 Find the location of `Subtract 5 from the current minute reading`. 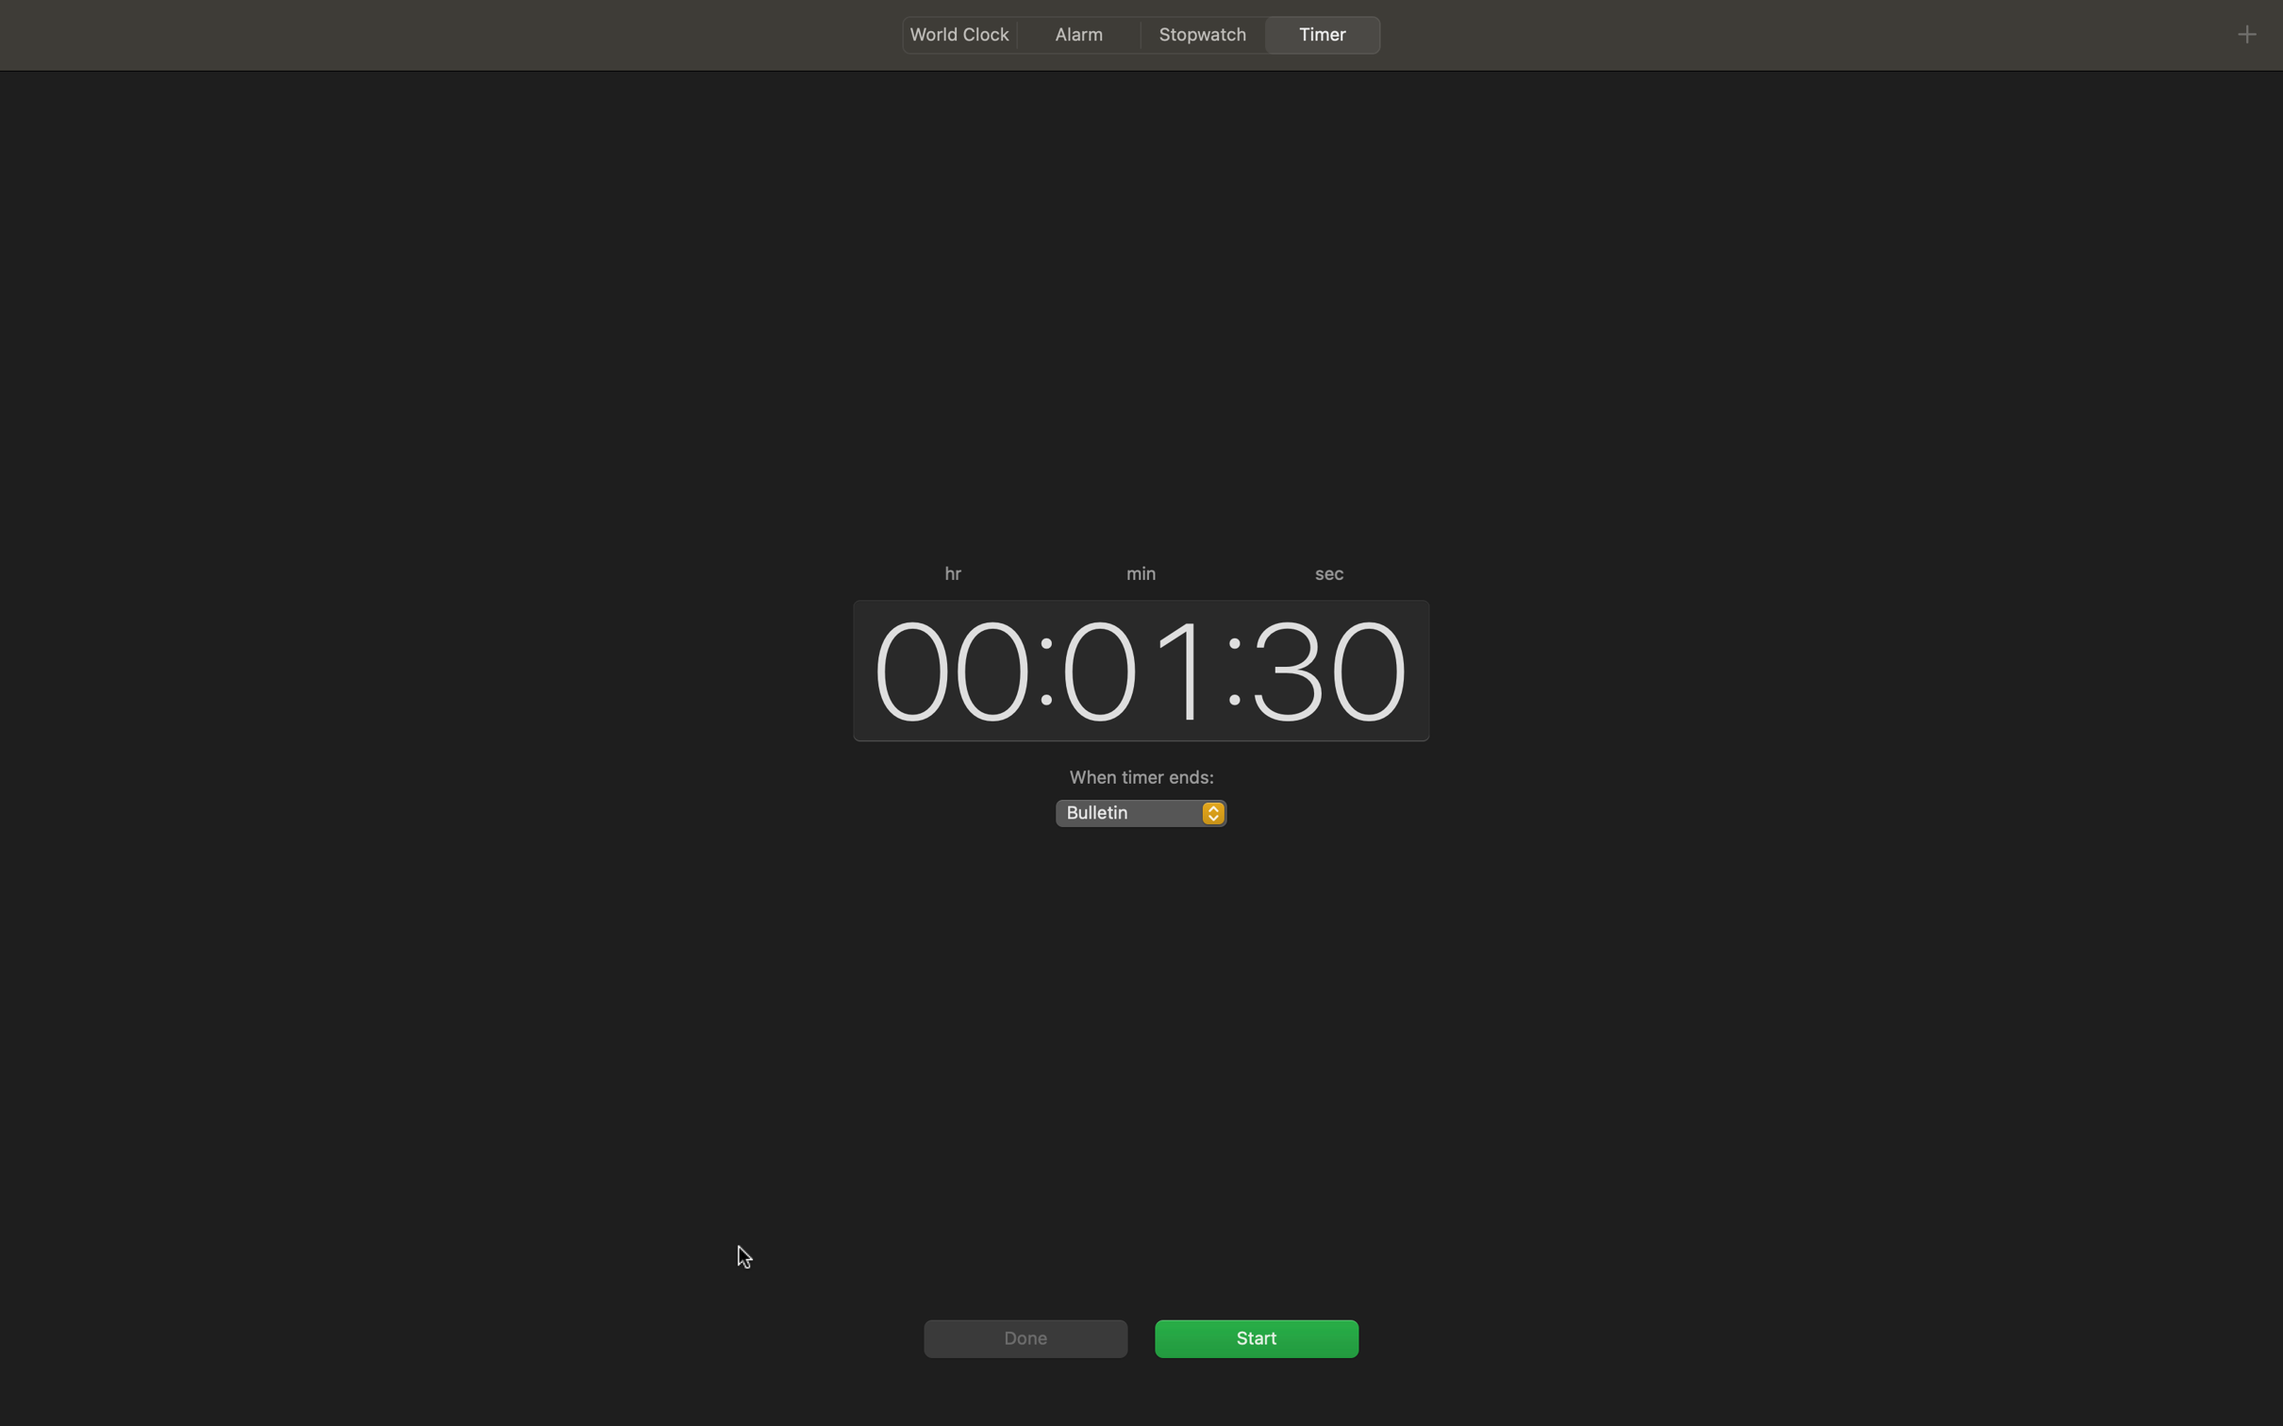

Subtract 5 from the current minute reading is located at coordinates (1133, 668).